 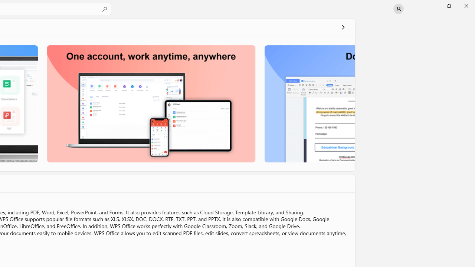 I want to click on 'Screenshot 2', so click(x=151, y=103).